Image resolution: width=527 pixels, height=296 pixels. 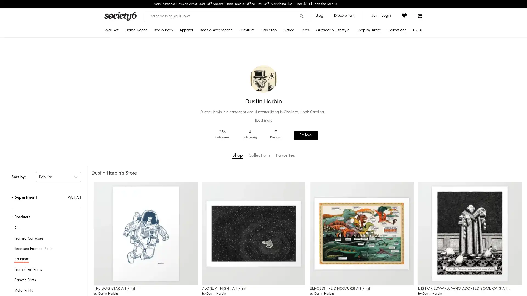 What do you see at coordinates (46, 197) in the screenshot?
I see `+Department Wall Art` at bounding box center [46, 197].